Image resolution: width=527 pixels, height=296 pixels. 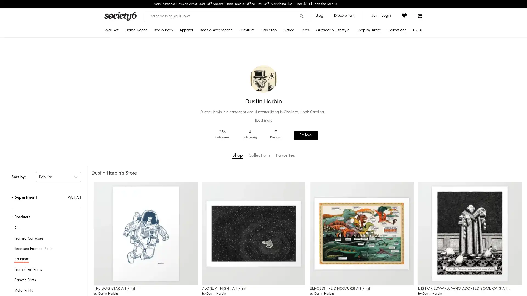 What do you see at coordinates (46, 197) in the screenshot?
I see `+Department Wall Art` at bounding box center [46, 197].